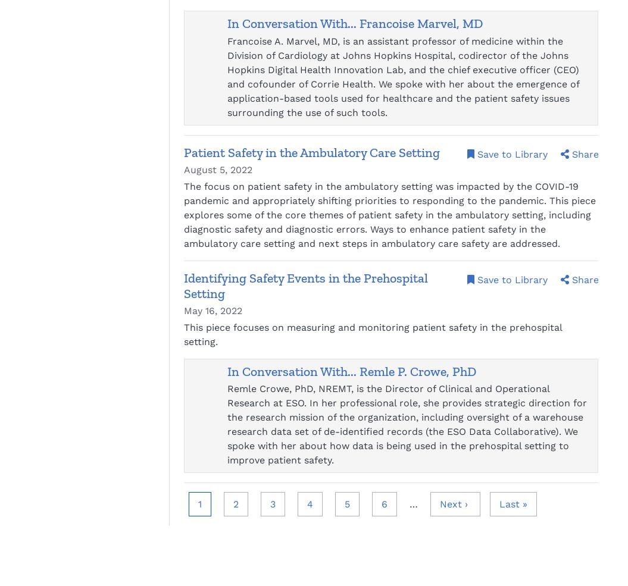 The height and width of the screenshot is (586, 628). What do you see at coordinates (406, 424) in the screenshot?
I see `'Remle Crowe, PhD, NREMT, is the Director of Clinical and Operational Research at ESO. In her professional role, she provides strategic direction for the research mission of the organization, including oversight of a warehouse research data set of de-identified records (the ESO Data Collaborative). We spoke with her about how data is being used in the prehospital setting to improve patient safety.'` at bounding box center [406, 424].